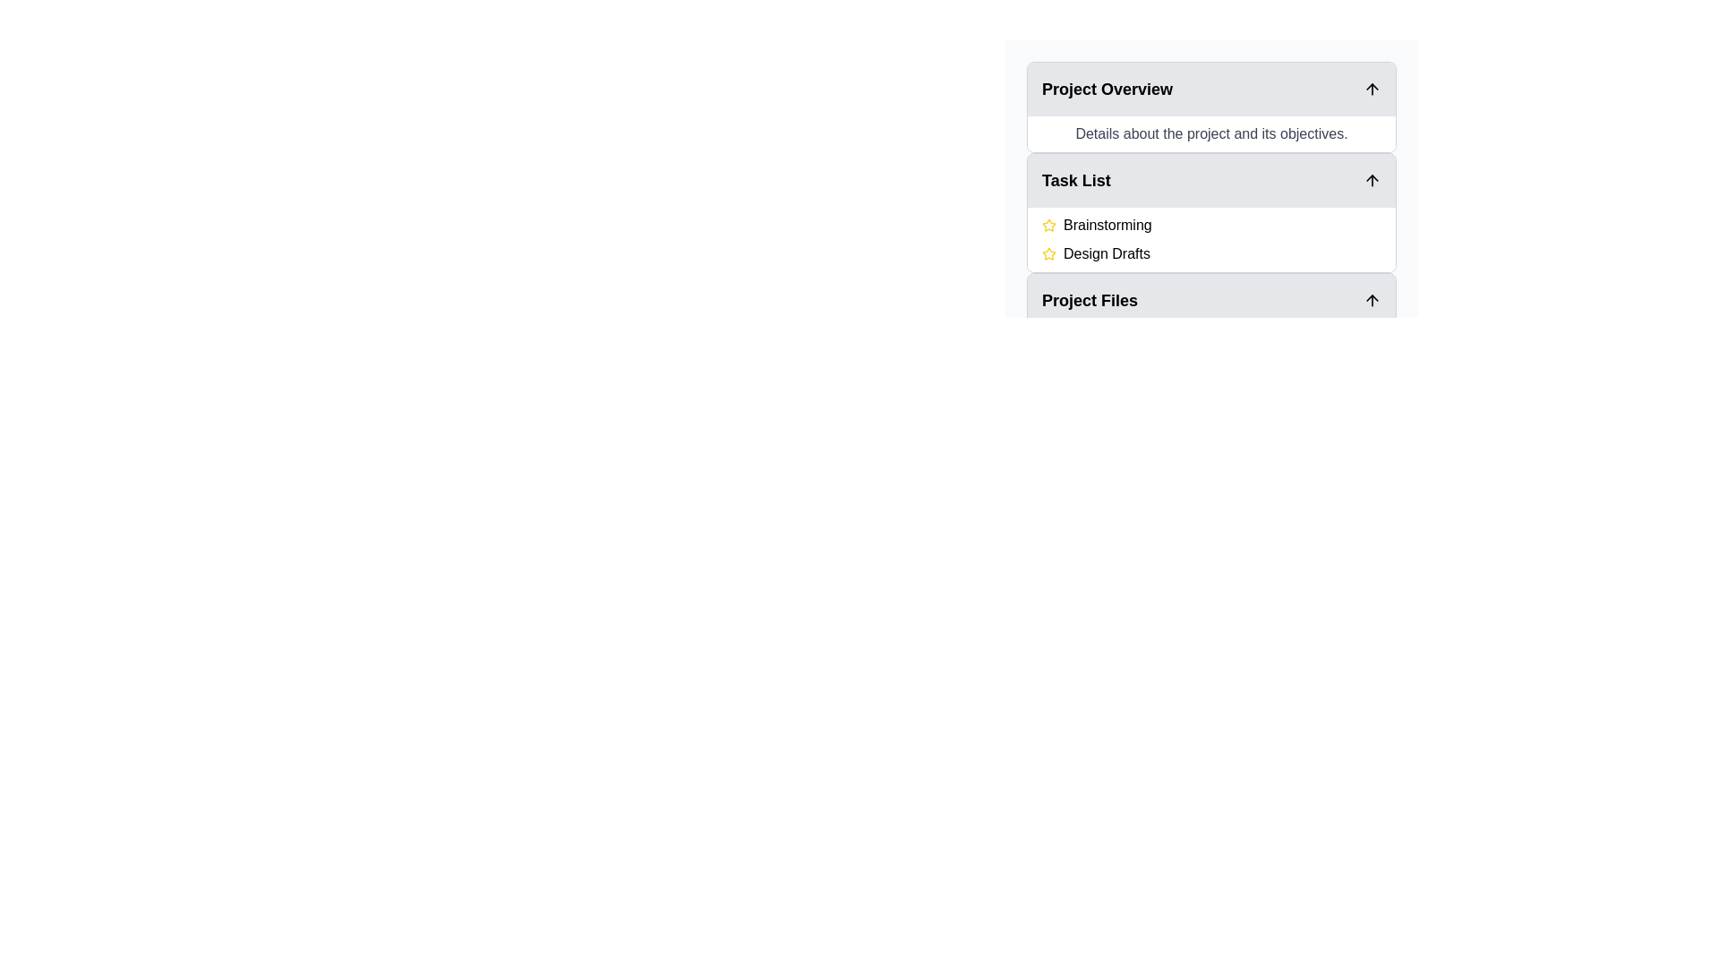  Describe the element at coordinates (1371, 90) in the screenshot. I see `the small upward-pointing black arrow icon located to the far right within the 'Project Overview' section` at that location.